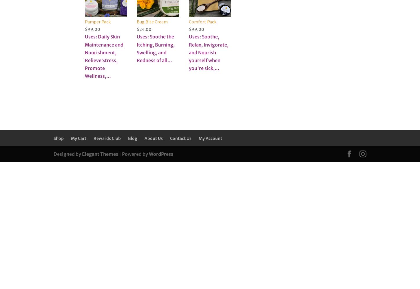  What do you see at coordinates (145, 29) in the screenshot?
I see `'24.00'` at bounding box center [145, 29].